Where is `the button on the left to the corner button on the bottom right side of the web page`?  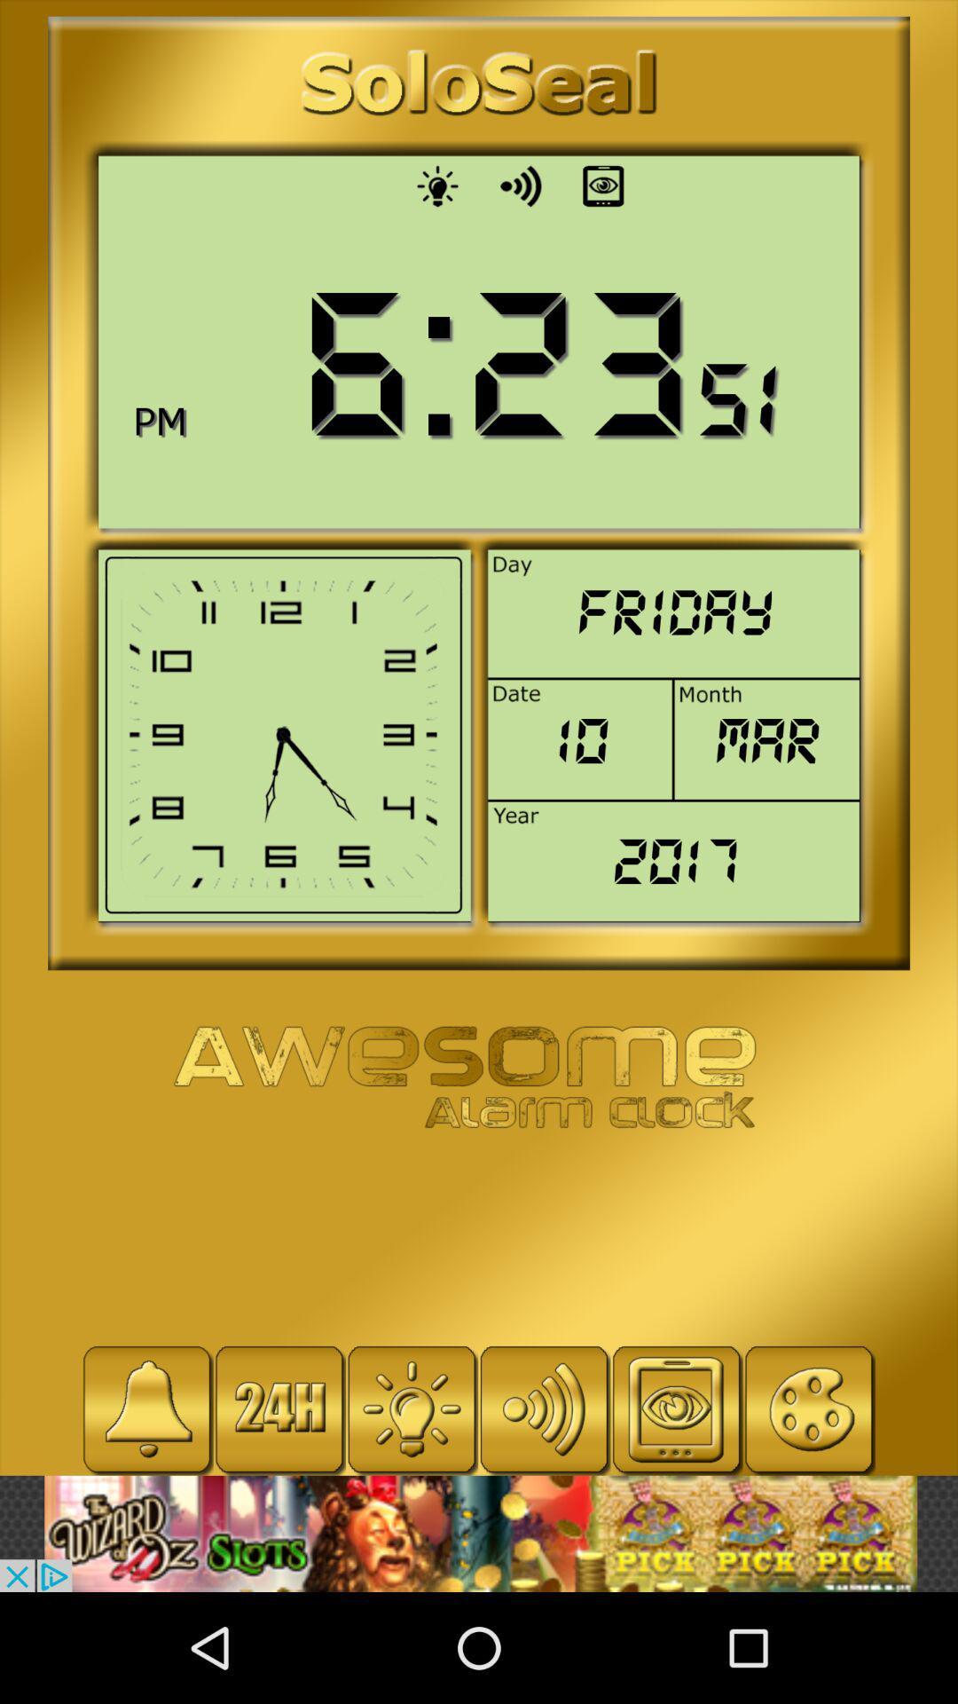 the button on the left to the corner button on the bottom right side of the web page is located at coordinates (677, 1408).